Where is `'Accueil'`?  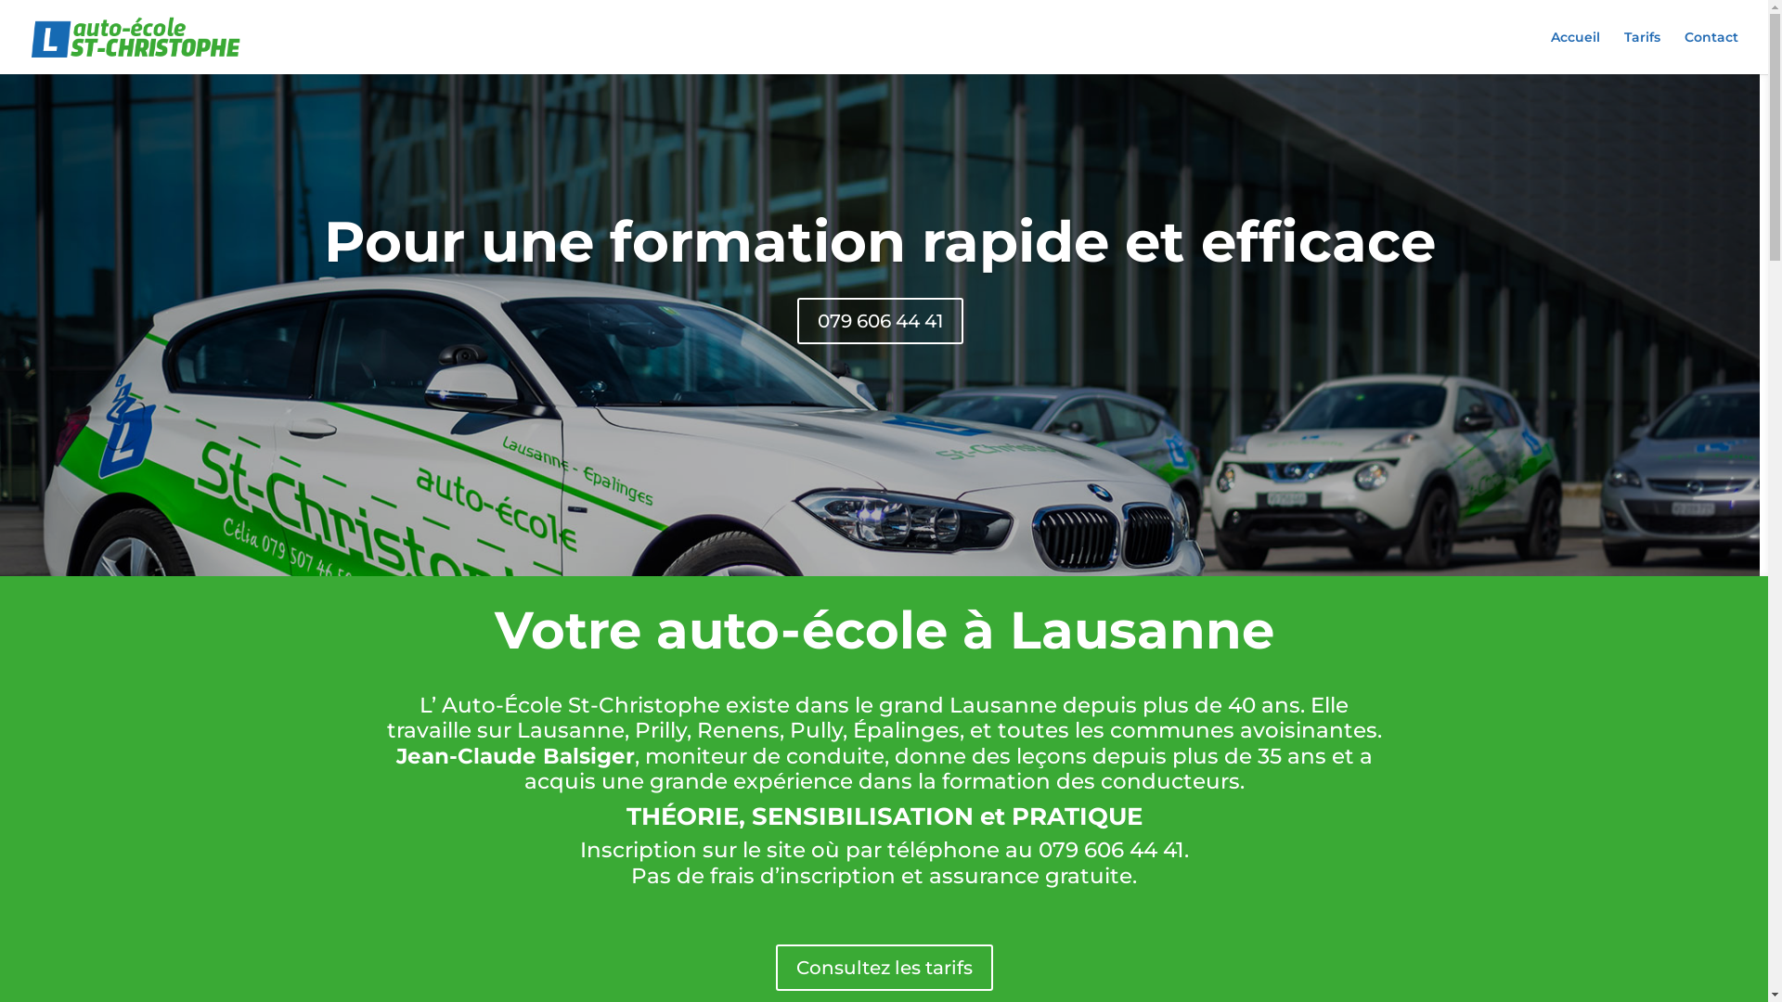
'Accueil' is located at coordinates (1550, 51).